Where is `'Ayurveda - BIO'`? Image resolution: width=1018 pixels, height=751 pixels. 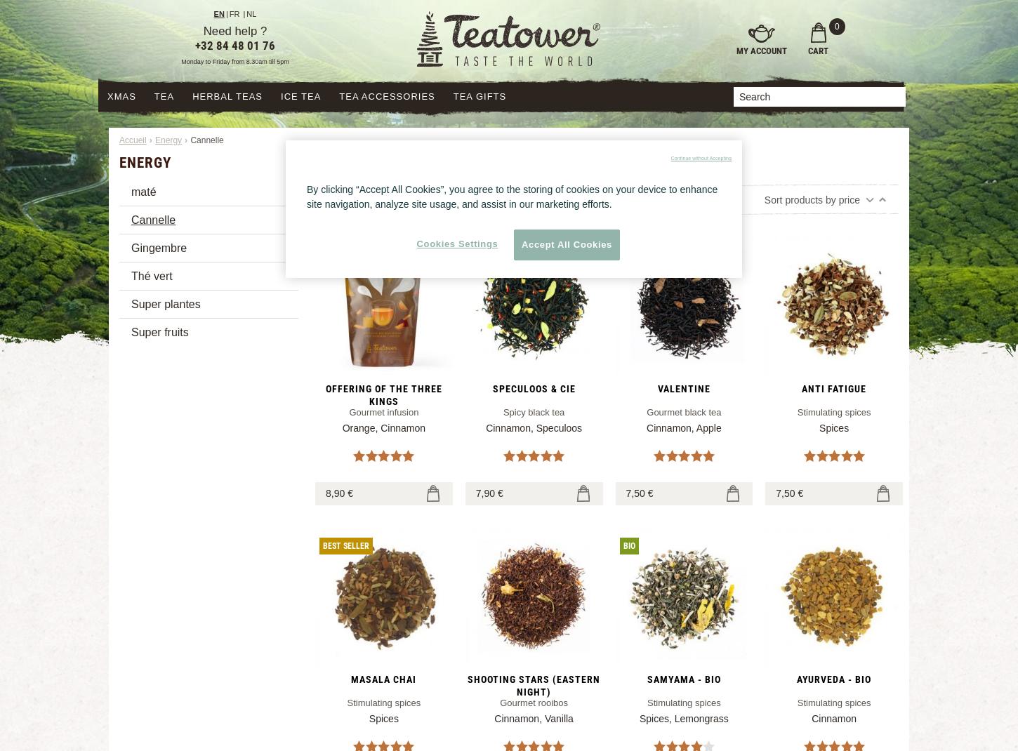 'Ayurveda - BIO' is located at coordinates (833, 677).